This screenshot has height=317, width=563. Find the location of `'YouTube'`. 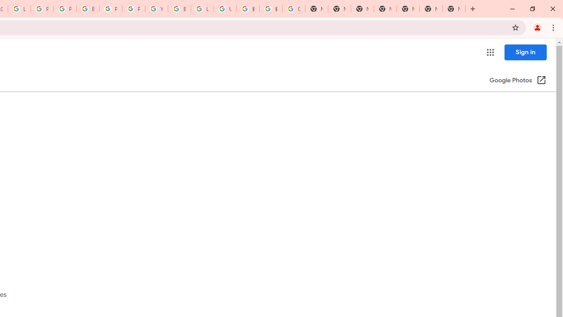

'YouTube' is located at coordinates (156, 9).